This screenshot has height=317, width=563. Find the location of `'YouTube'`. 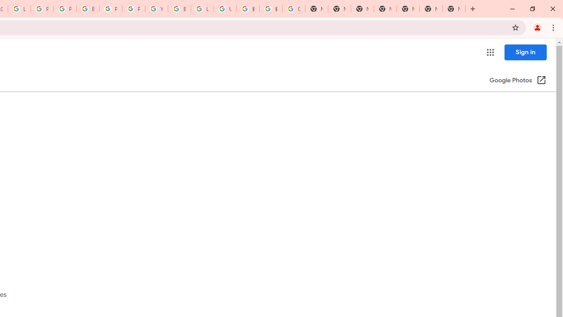

'YouTube' is located at coordinates (156, 9).